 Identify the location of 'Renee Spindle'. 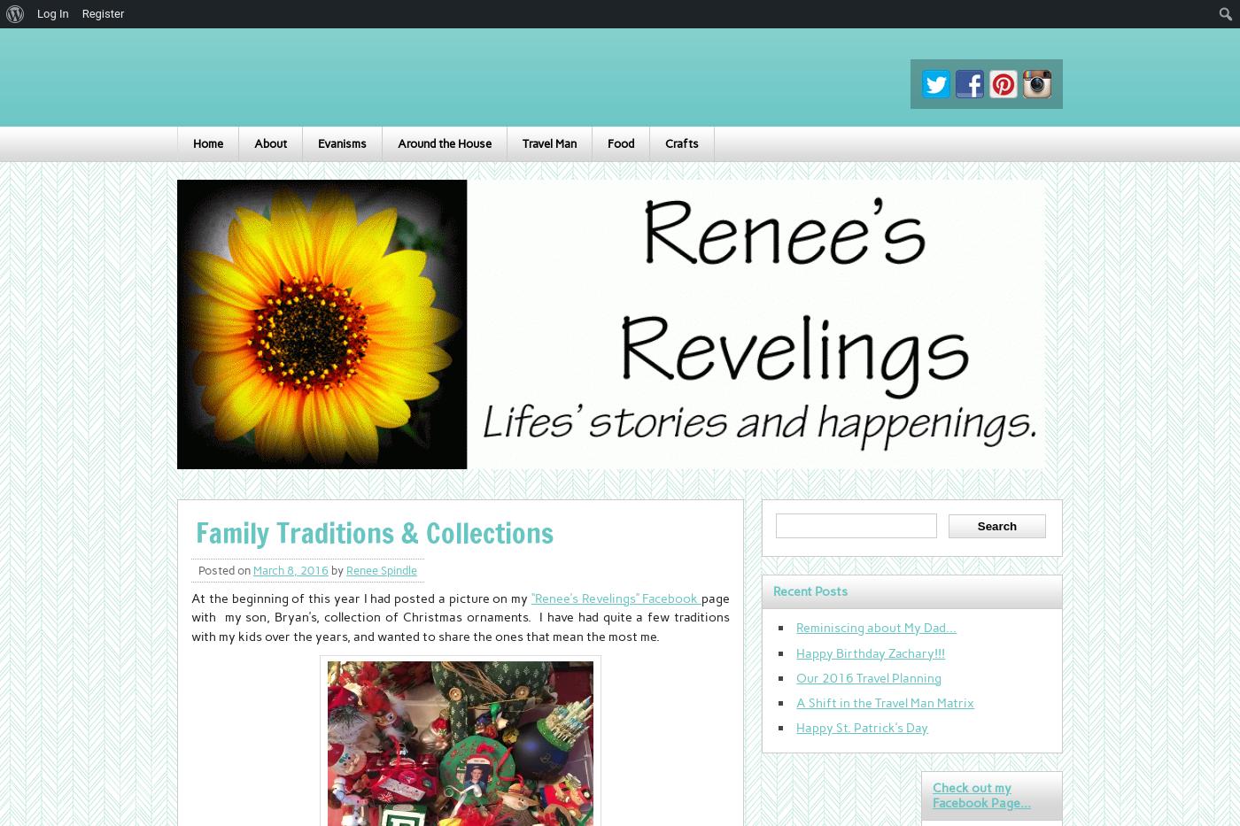
(382, 569).